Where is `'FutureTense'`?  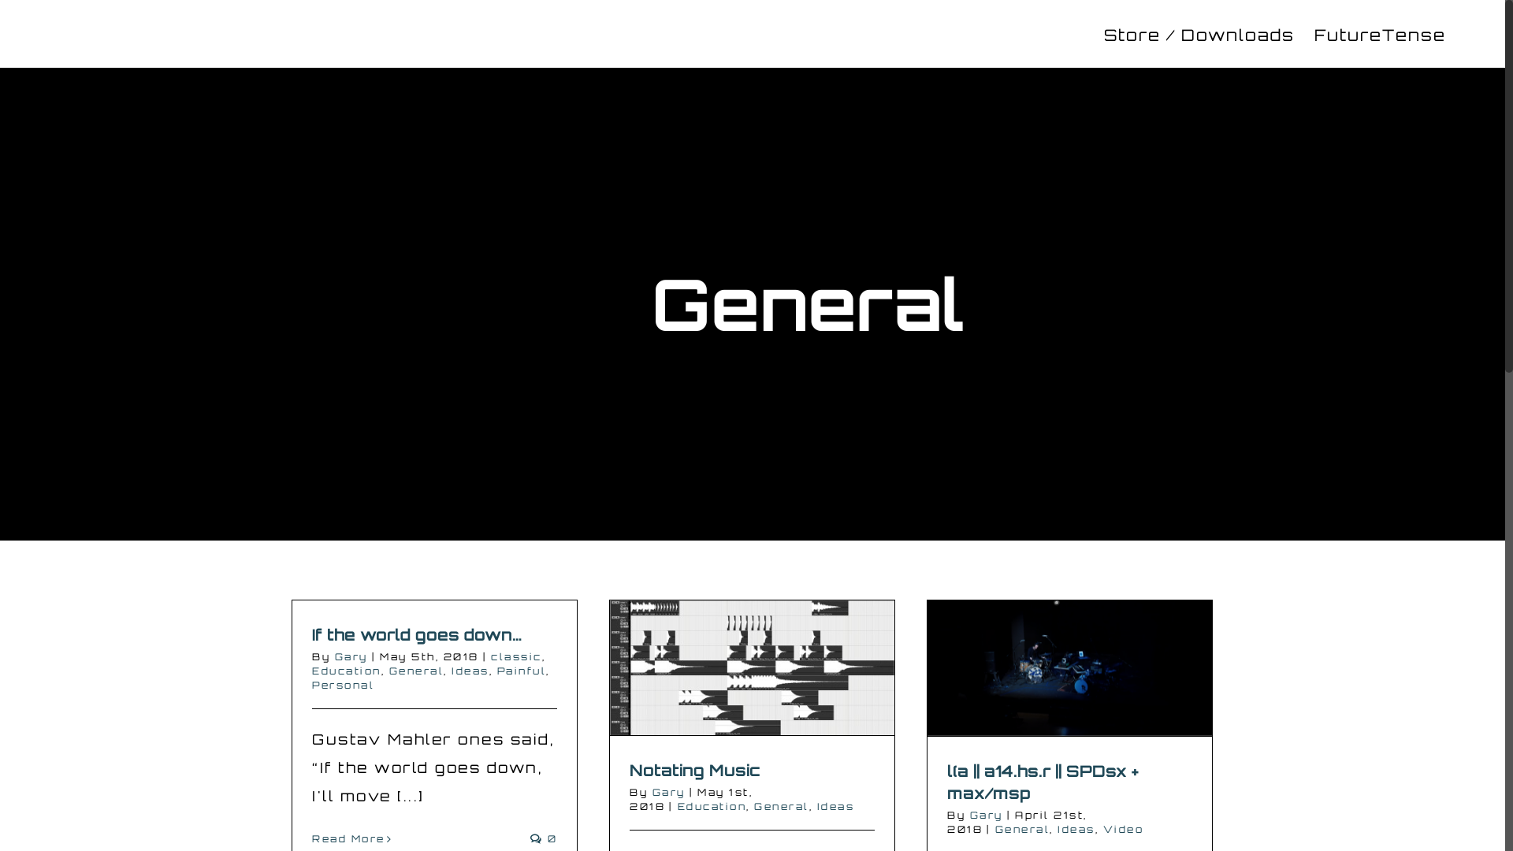
'FutureTense' is located at coordinates (1314, 33).